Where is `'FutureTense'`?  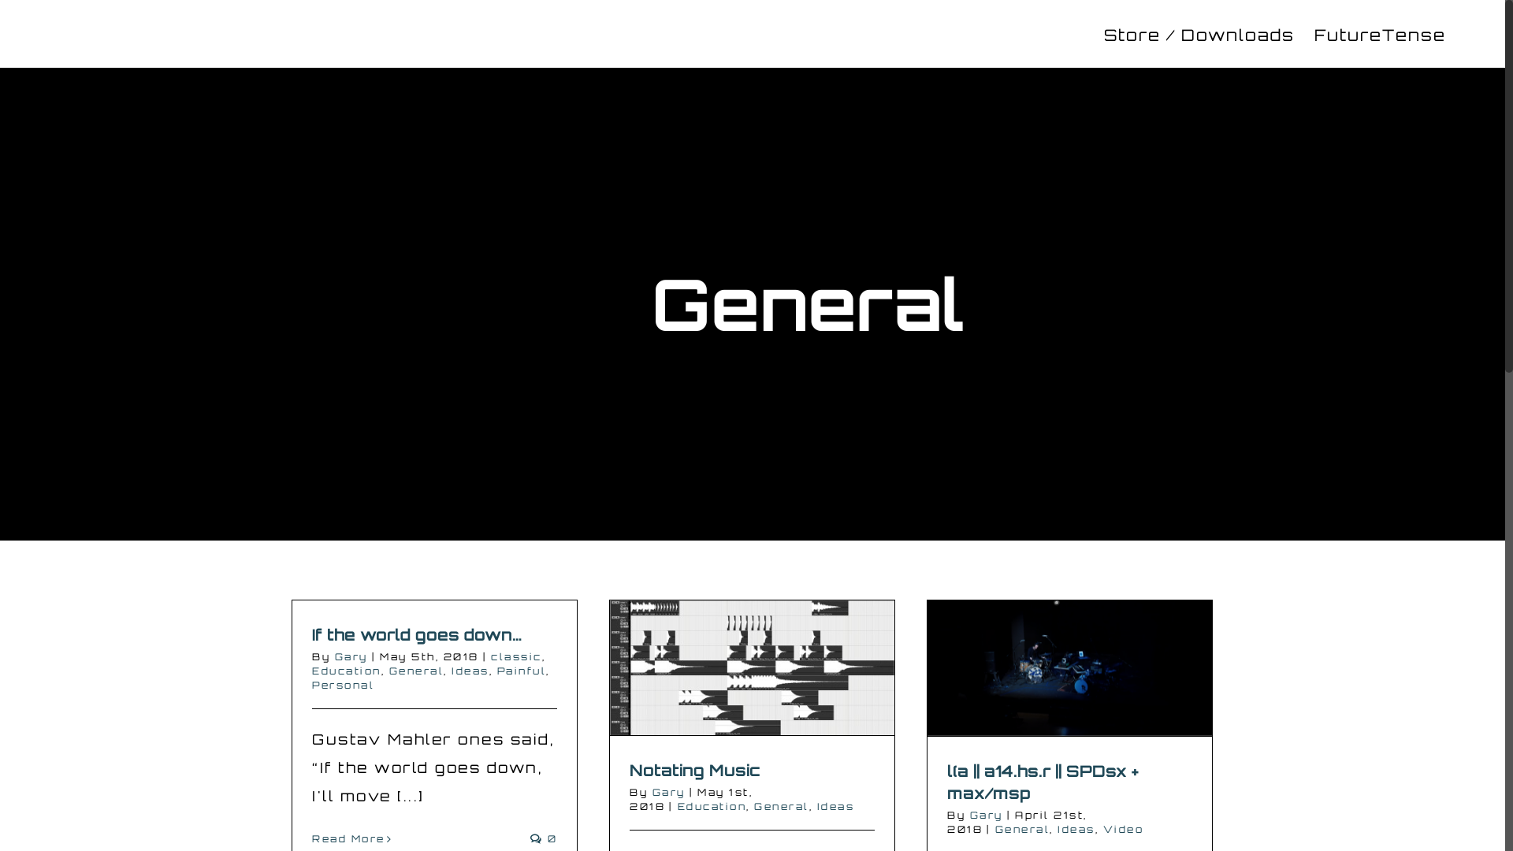
'FutureTense' is located at coordinates (1314, 33).